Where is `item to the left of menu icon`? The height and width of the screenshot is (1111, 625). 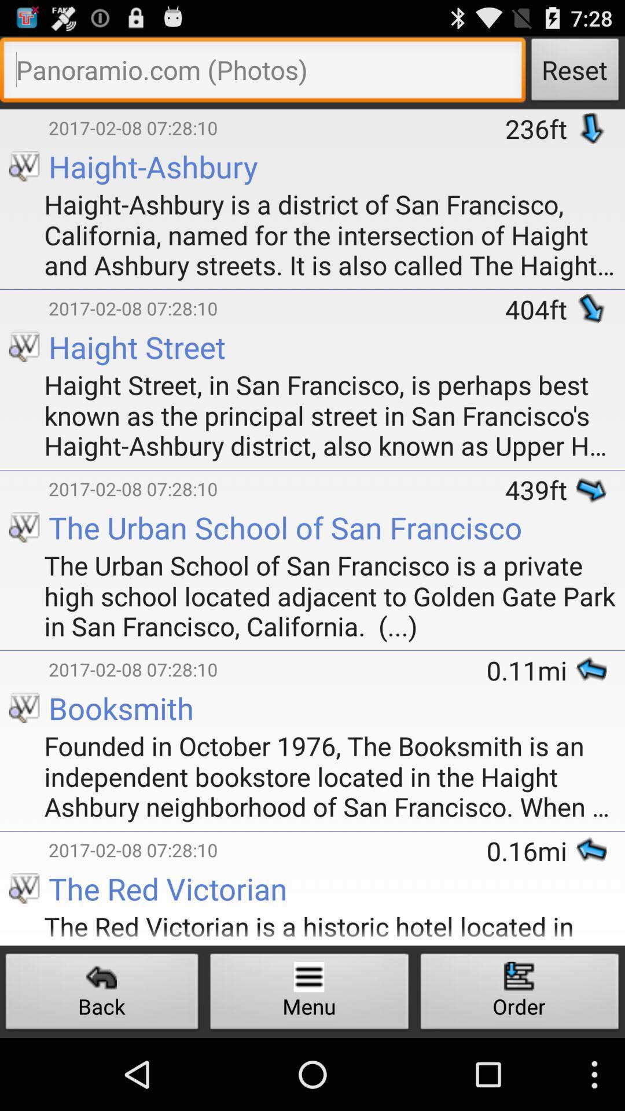 item to the left of menu icon is located at coordinates (101, 994).